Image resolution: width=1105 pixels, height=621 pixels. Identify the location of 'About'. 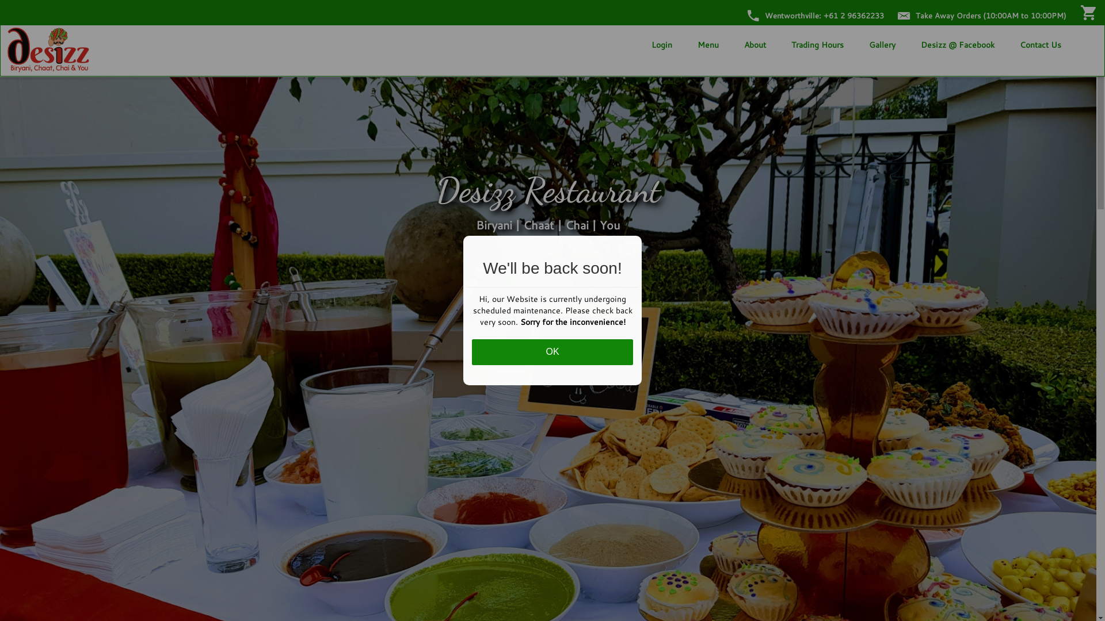
(755, 44).